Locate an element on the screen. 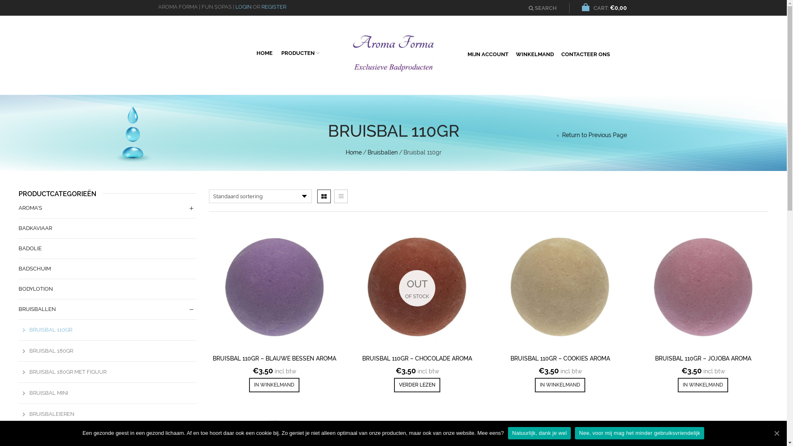 The width and height of the screenshot is (793, 446). 'Bruisballen' is located at coordinates (382, 152).